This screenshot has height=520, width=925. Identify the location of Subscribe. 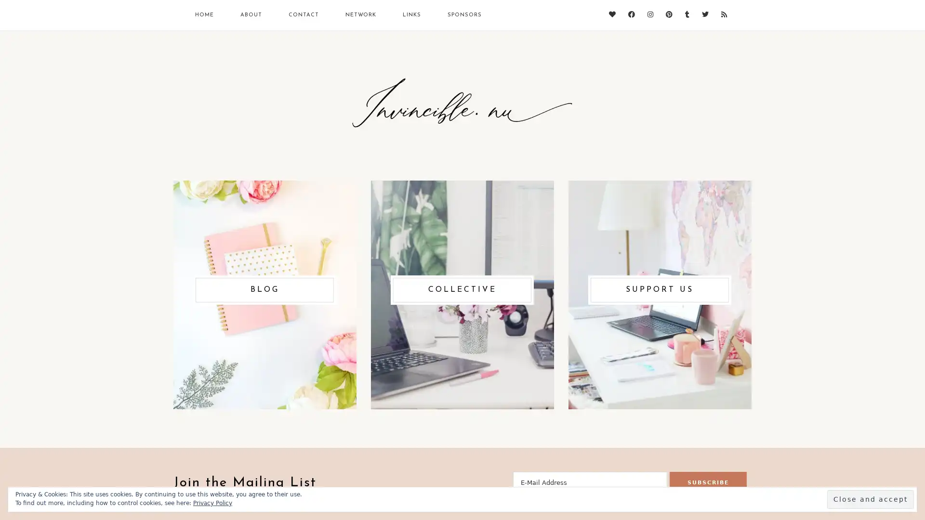
(708, 482).